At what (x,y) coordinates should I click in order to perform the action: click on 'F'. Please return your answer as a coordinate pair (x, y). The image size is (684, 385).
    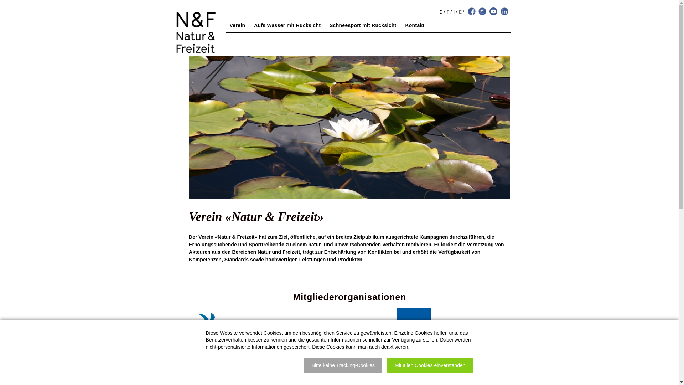
    Looking at the image, I should click on (447, 12).